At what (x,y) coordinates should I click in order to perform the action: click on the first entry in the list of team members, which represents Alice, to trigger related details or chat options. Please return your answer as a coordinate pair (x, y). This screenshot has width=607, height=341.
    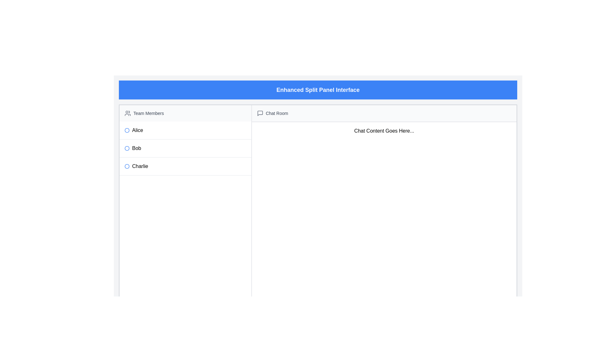
    Looking at the image, I should click on (185, 130).